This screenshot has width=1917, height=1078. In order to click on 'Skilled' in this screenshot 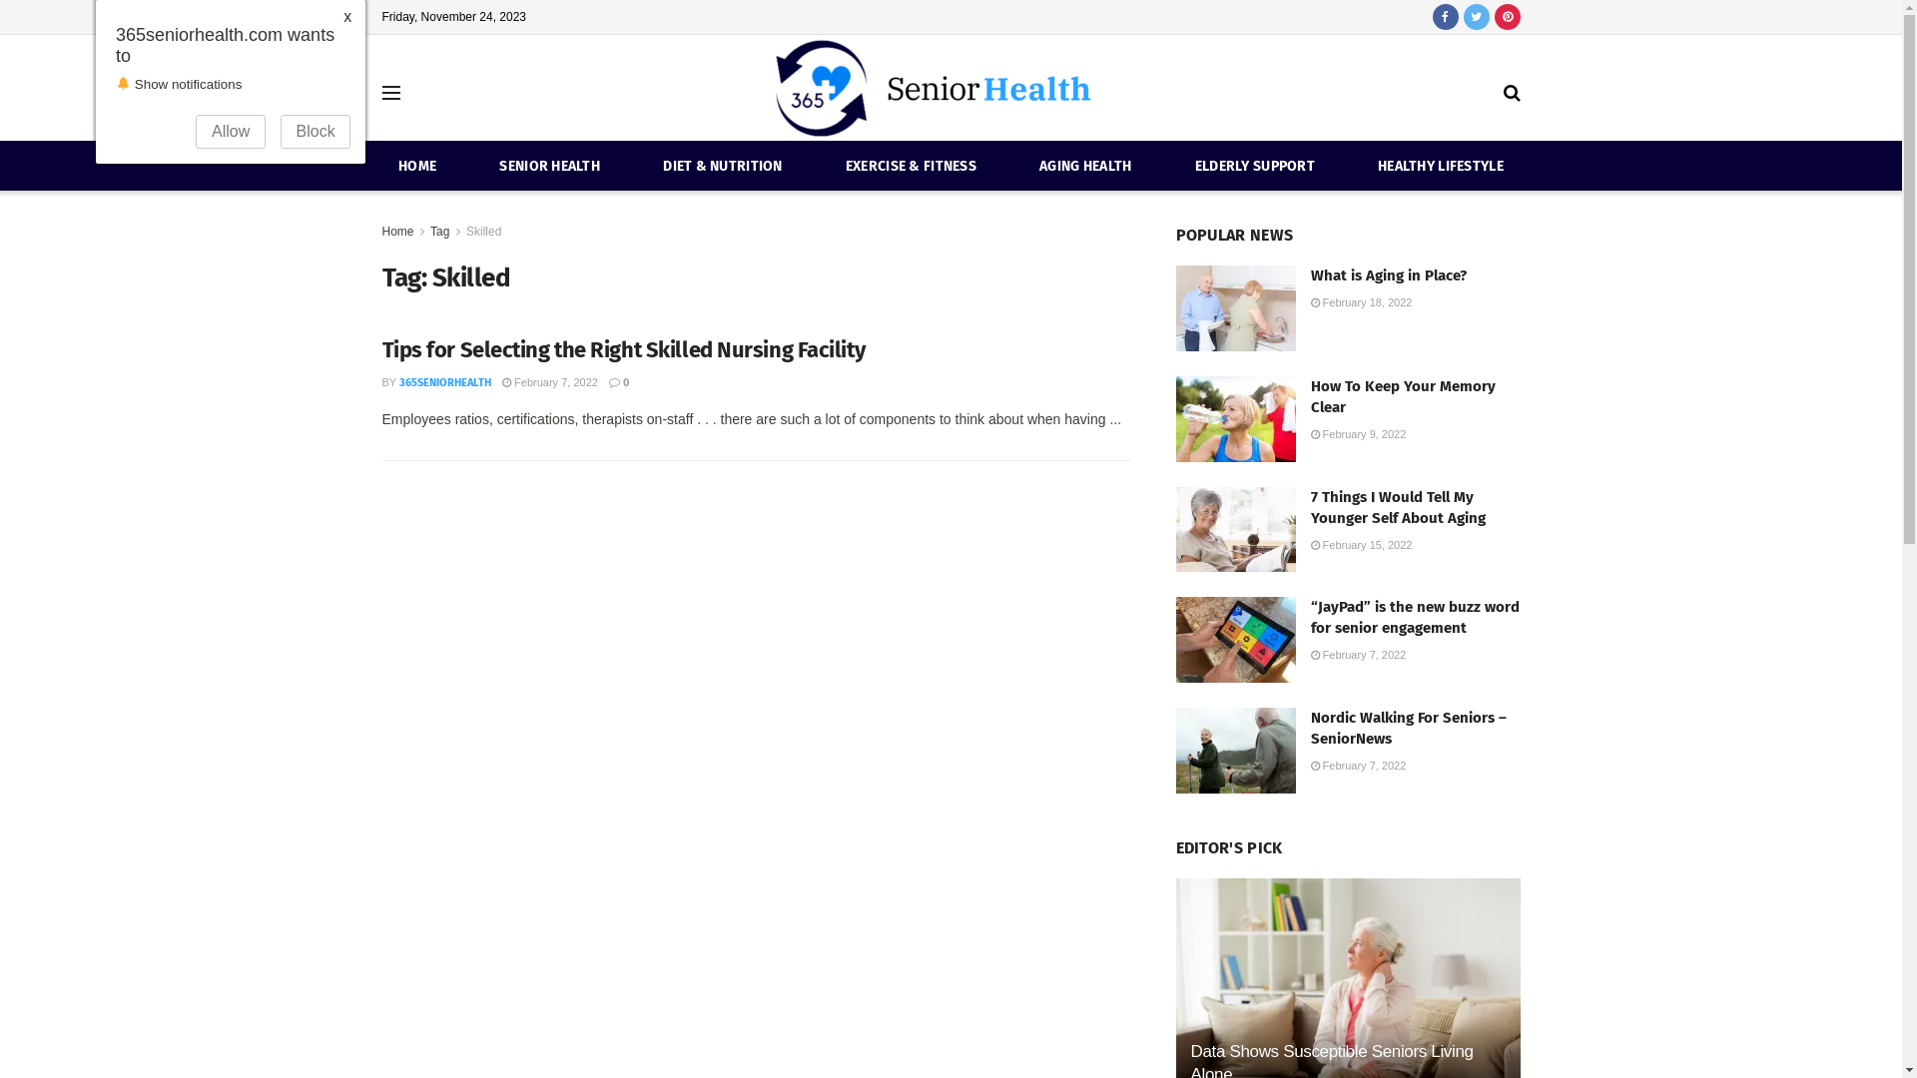, I will do `click(483, 230)`.